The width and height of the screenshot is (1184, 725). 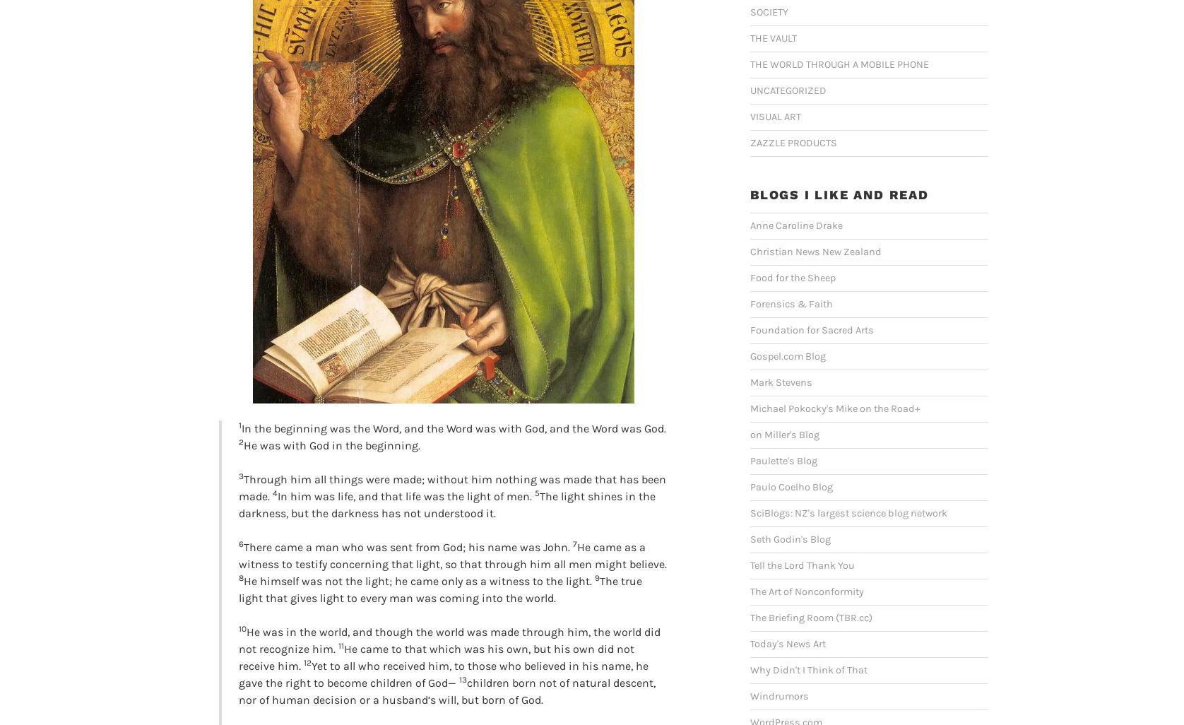 I want to click on 'The Briefing Room (TBR.cc)', so click(x=810, y=617).